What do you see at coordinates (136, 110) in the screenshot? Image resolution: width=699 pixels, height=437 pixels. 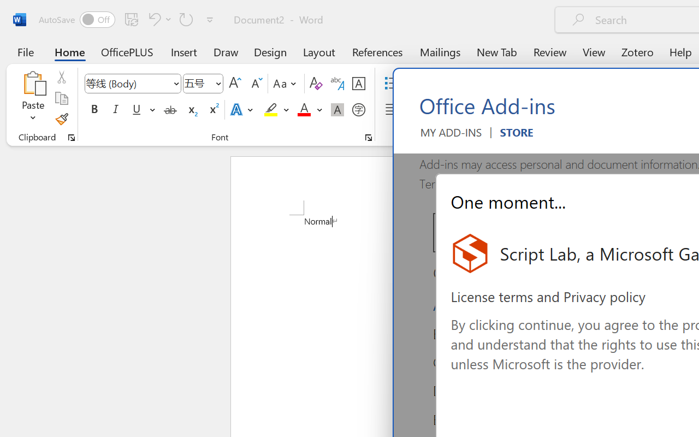 I see `'Underline'` at bounding box center [136, 110].